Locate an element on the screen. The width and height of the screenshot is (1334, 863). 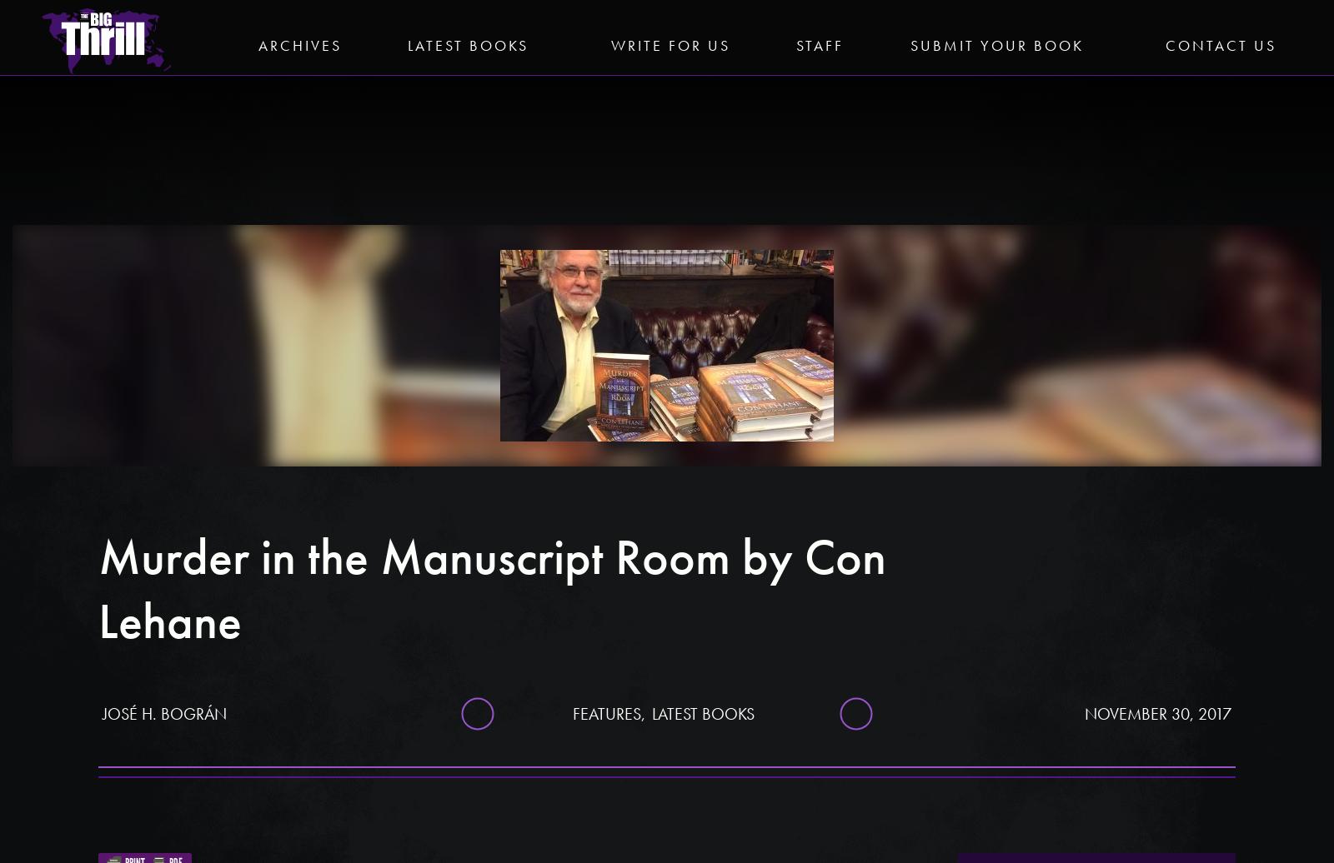
'J.T. Patten' is located at coordinates (1096, 260).